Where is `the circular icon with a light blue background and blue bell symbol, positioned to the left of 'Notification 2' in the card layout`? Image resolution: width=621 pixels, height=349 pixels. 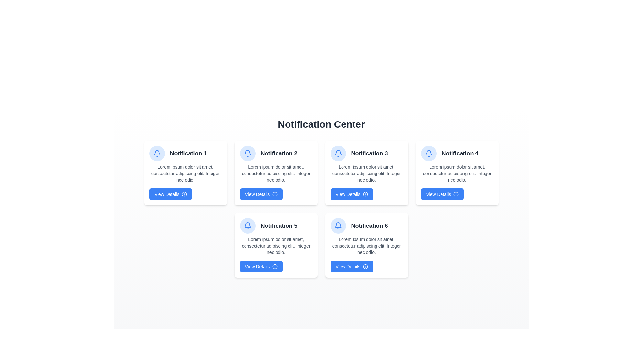 the circular icon with a light blue background and blue bell symbol, positioned to the left of 'Notification 2' in the card layout is located at coordinates (247, 153).